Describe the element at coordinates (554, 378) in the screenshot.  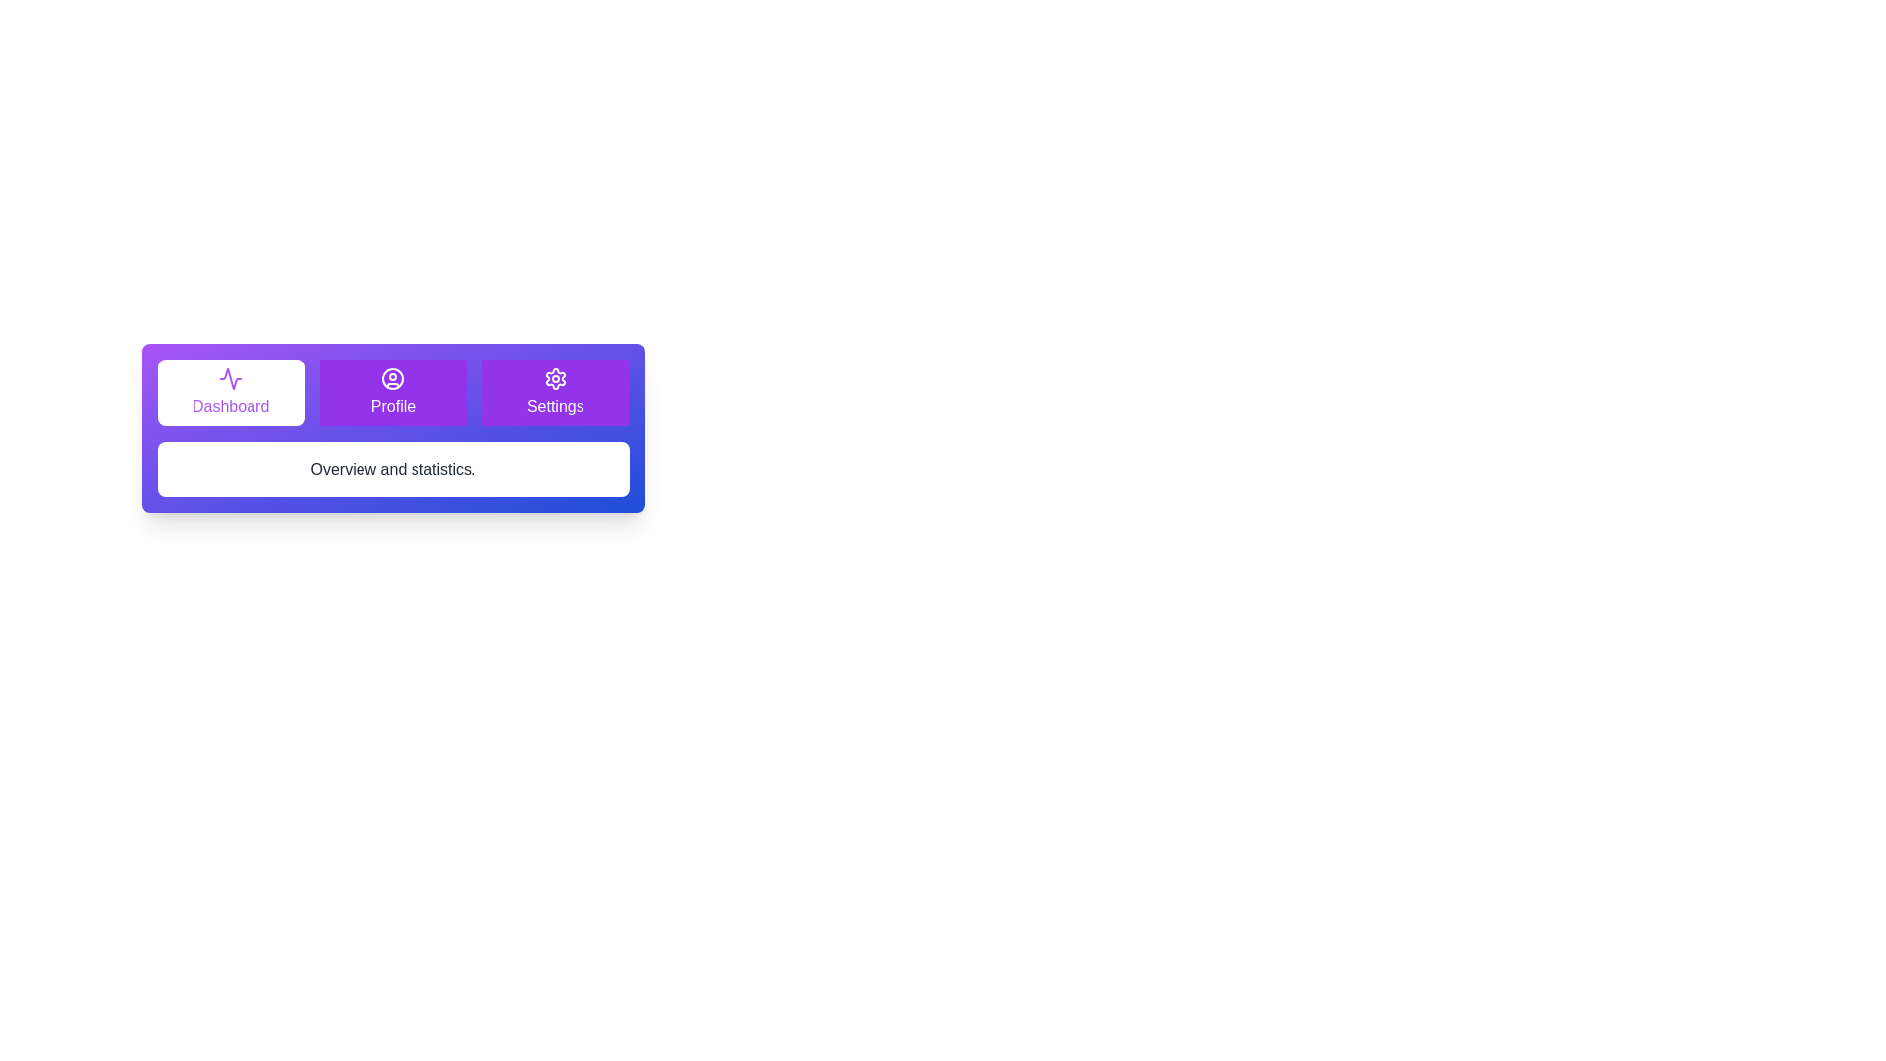
I see `the icon for the Settings tab to activate it` at that location.